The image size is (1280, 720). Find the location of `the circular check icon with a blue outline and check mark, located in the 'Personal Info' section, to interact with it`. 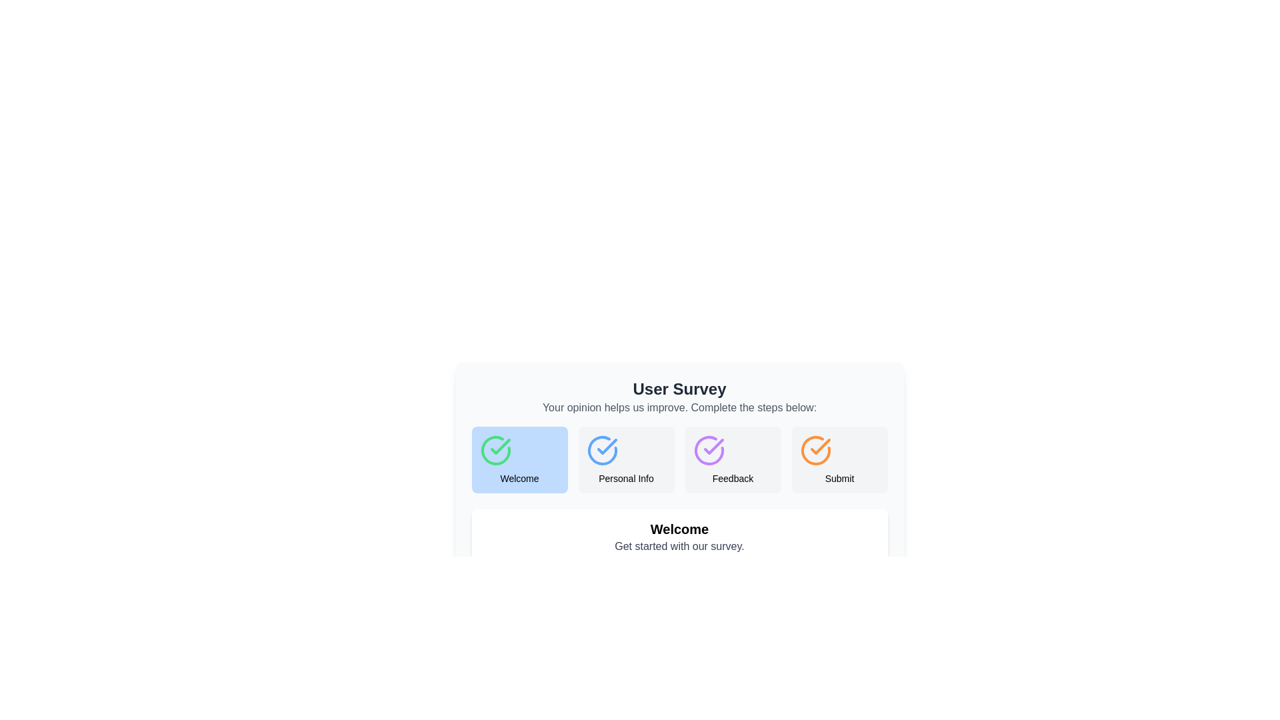

the circular check icon with a blue outline and check mark, located in the 'Personal Info' section, to interact with it is located at coordinates (601, 450).